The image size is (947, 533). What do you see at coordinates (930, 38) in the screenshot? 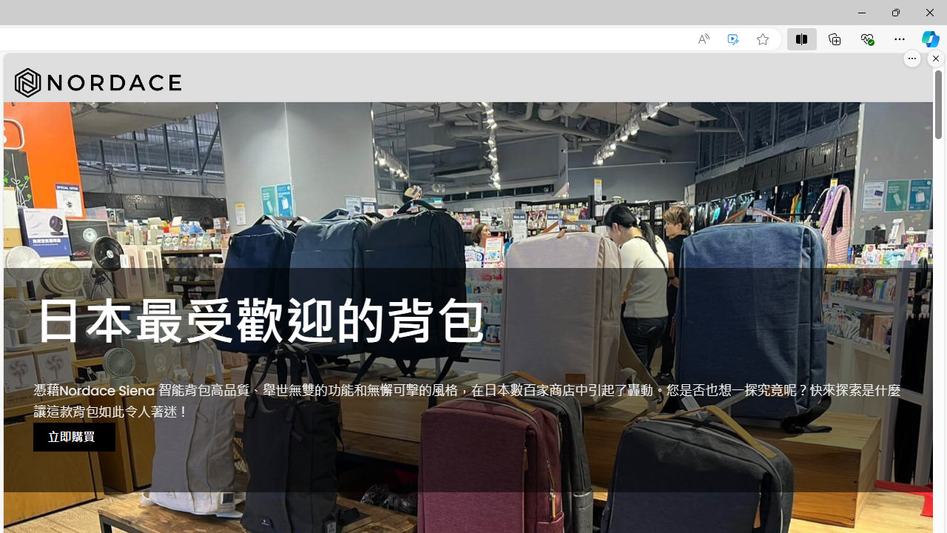
I see `'Copilot (Ctrl+Shift+.)'` at bounding box center [930, 38].